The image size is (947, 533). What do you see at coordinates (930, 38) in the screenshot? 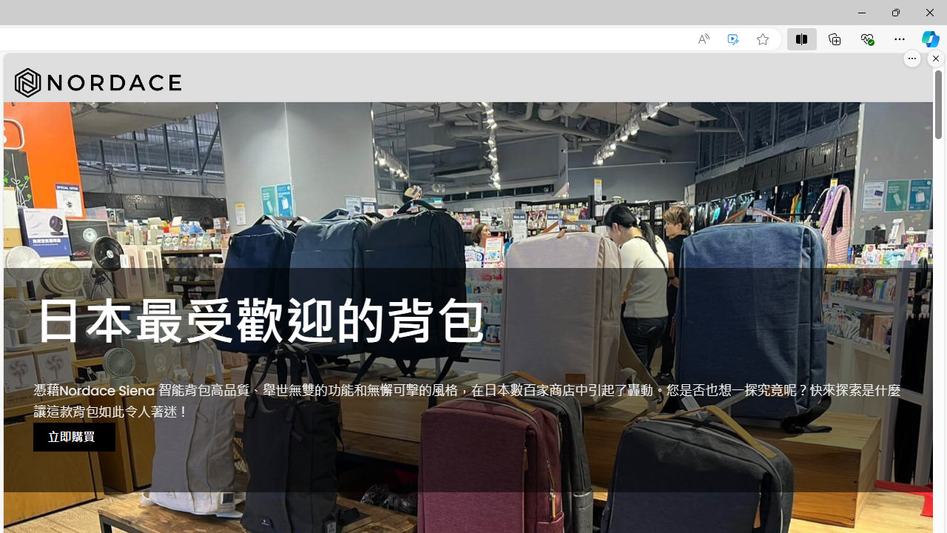
I see `'Copilot (Ctrl+Shift+.)'` at bounding box center [930, 38].